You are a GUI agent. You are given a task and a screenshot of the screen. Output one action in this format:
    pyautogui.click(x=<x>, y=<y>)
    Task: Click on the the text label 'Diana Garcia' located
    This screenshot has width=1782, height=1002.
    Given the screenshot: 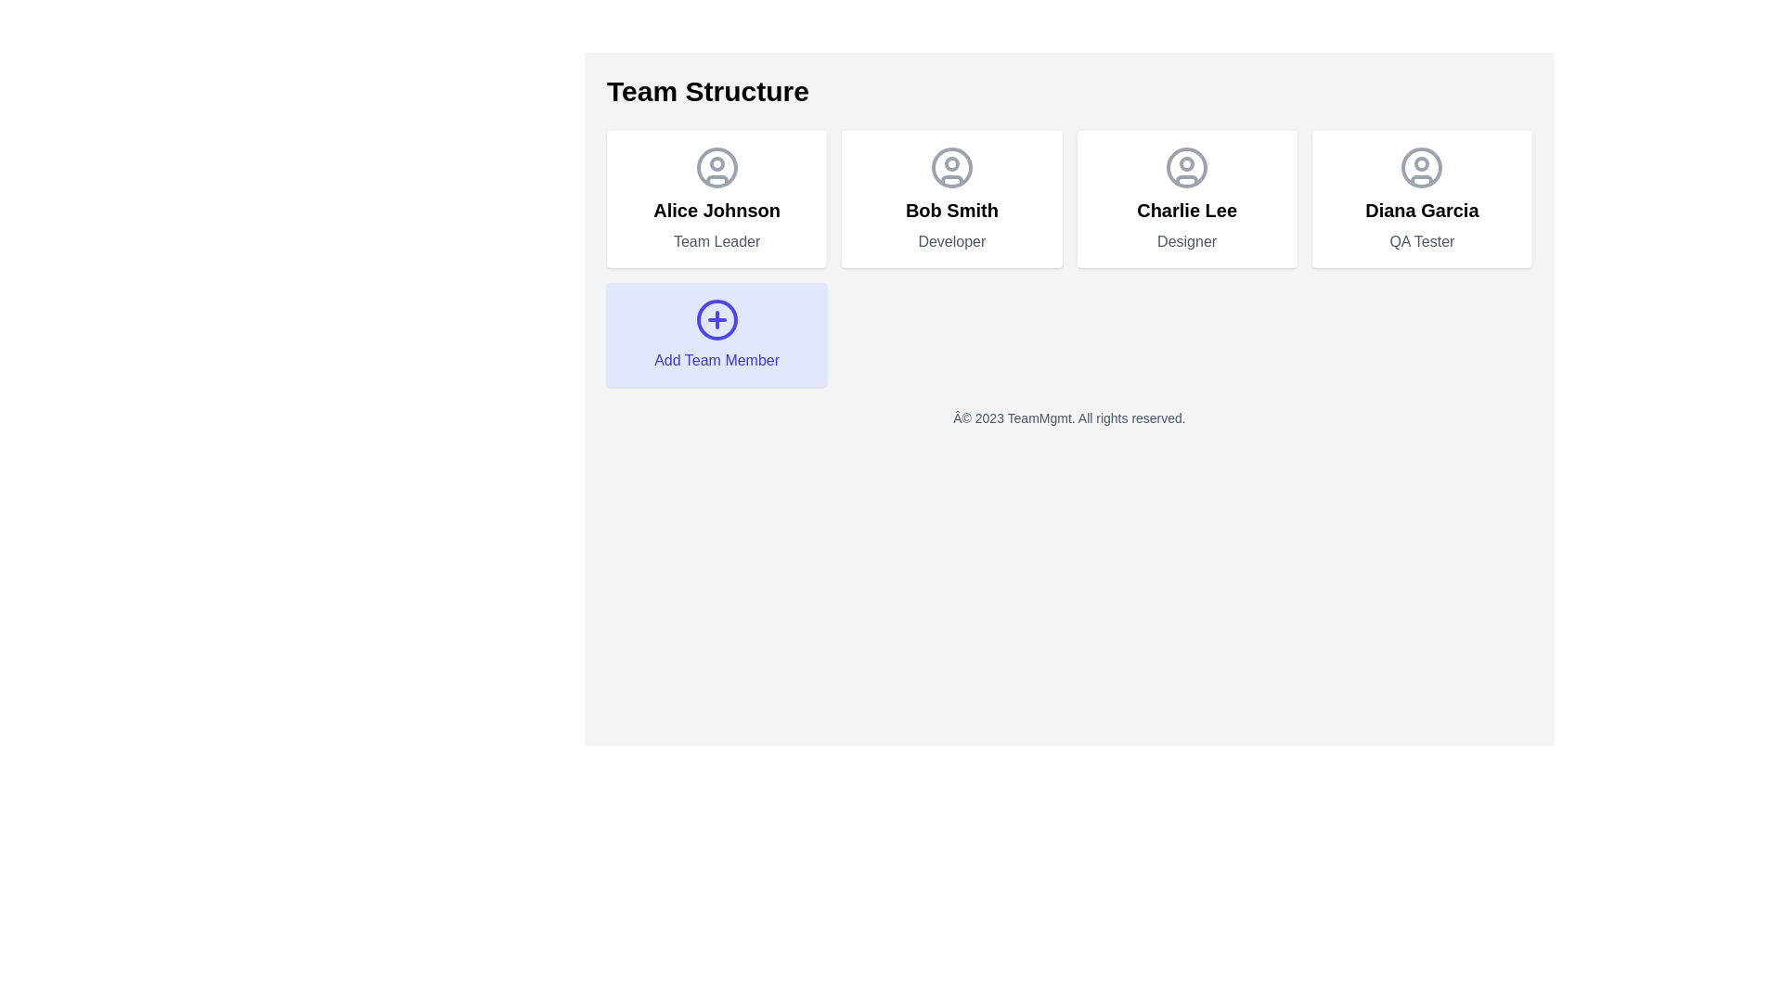 What is the action you would take?
    pyautogui.click(x=1421, y=210)
    